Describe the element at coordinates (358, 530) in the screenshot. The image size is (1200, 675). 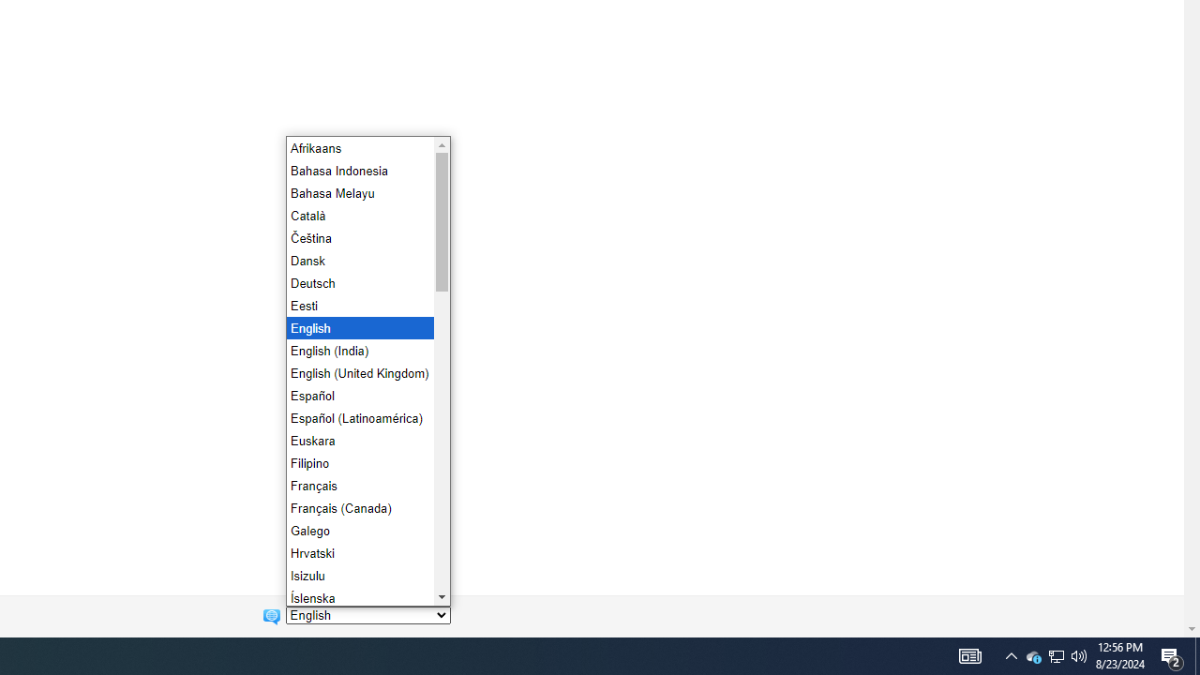
I see `'Galego'` at that location.